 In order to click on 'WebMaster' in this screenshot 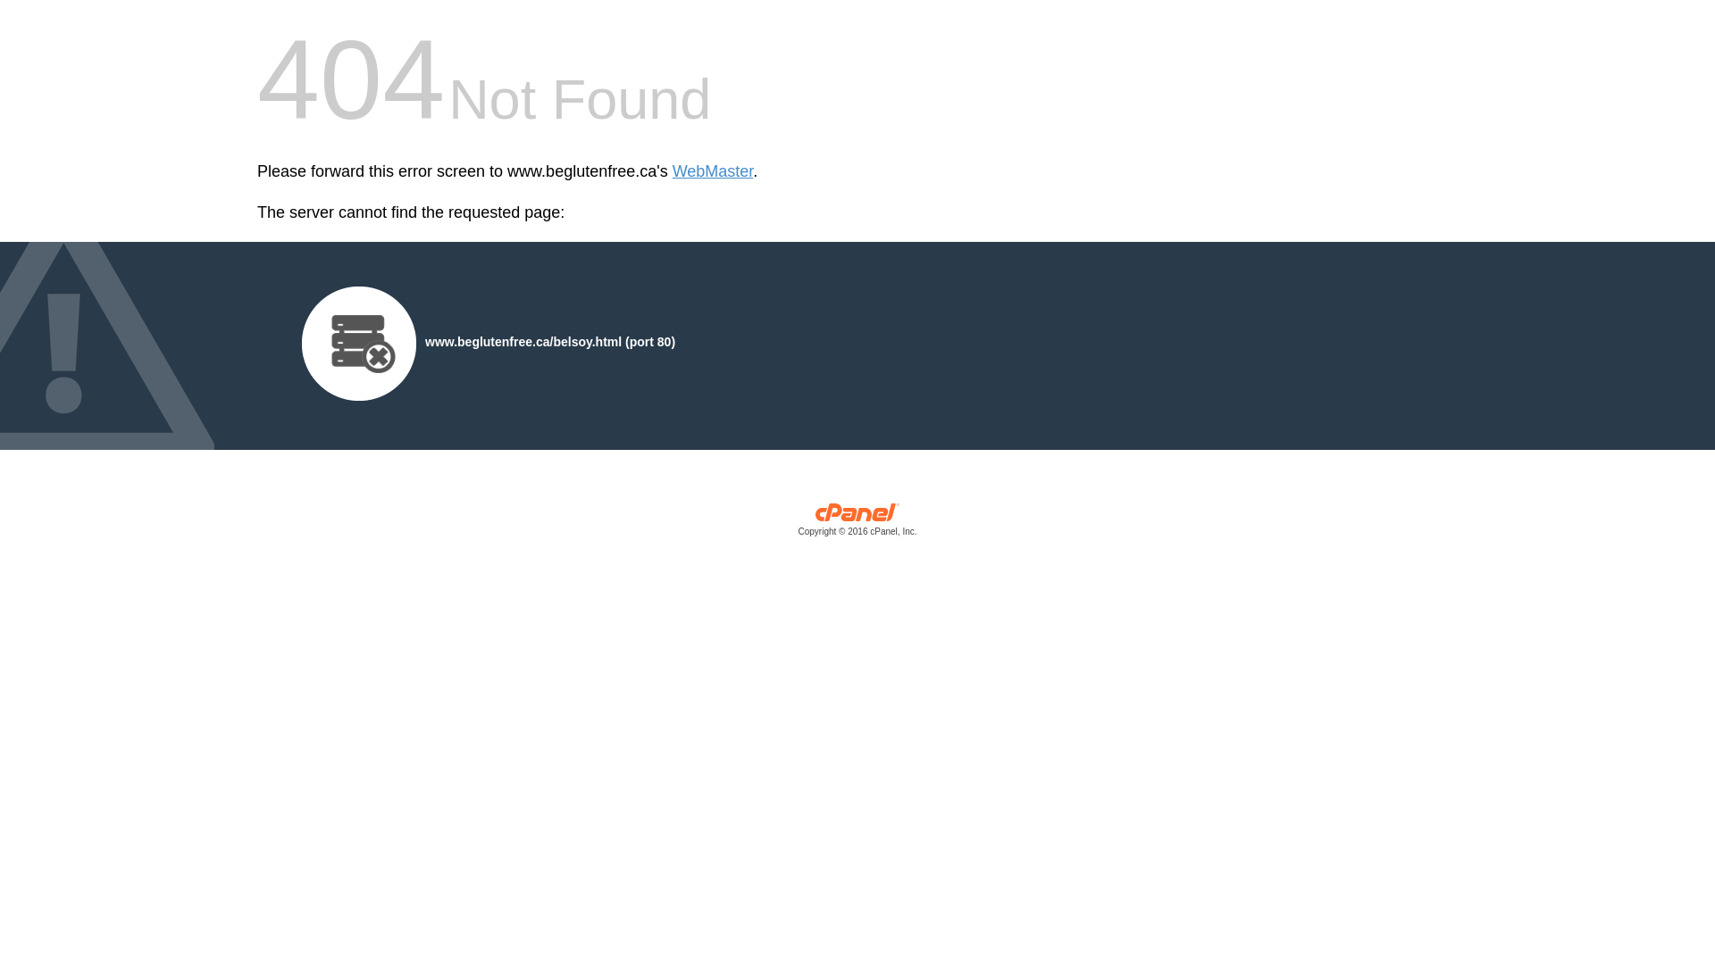, I will do `click(712, 171)`.